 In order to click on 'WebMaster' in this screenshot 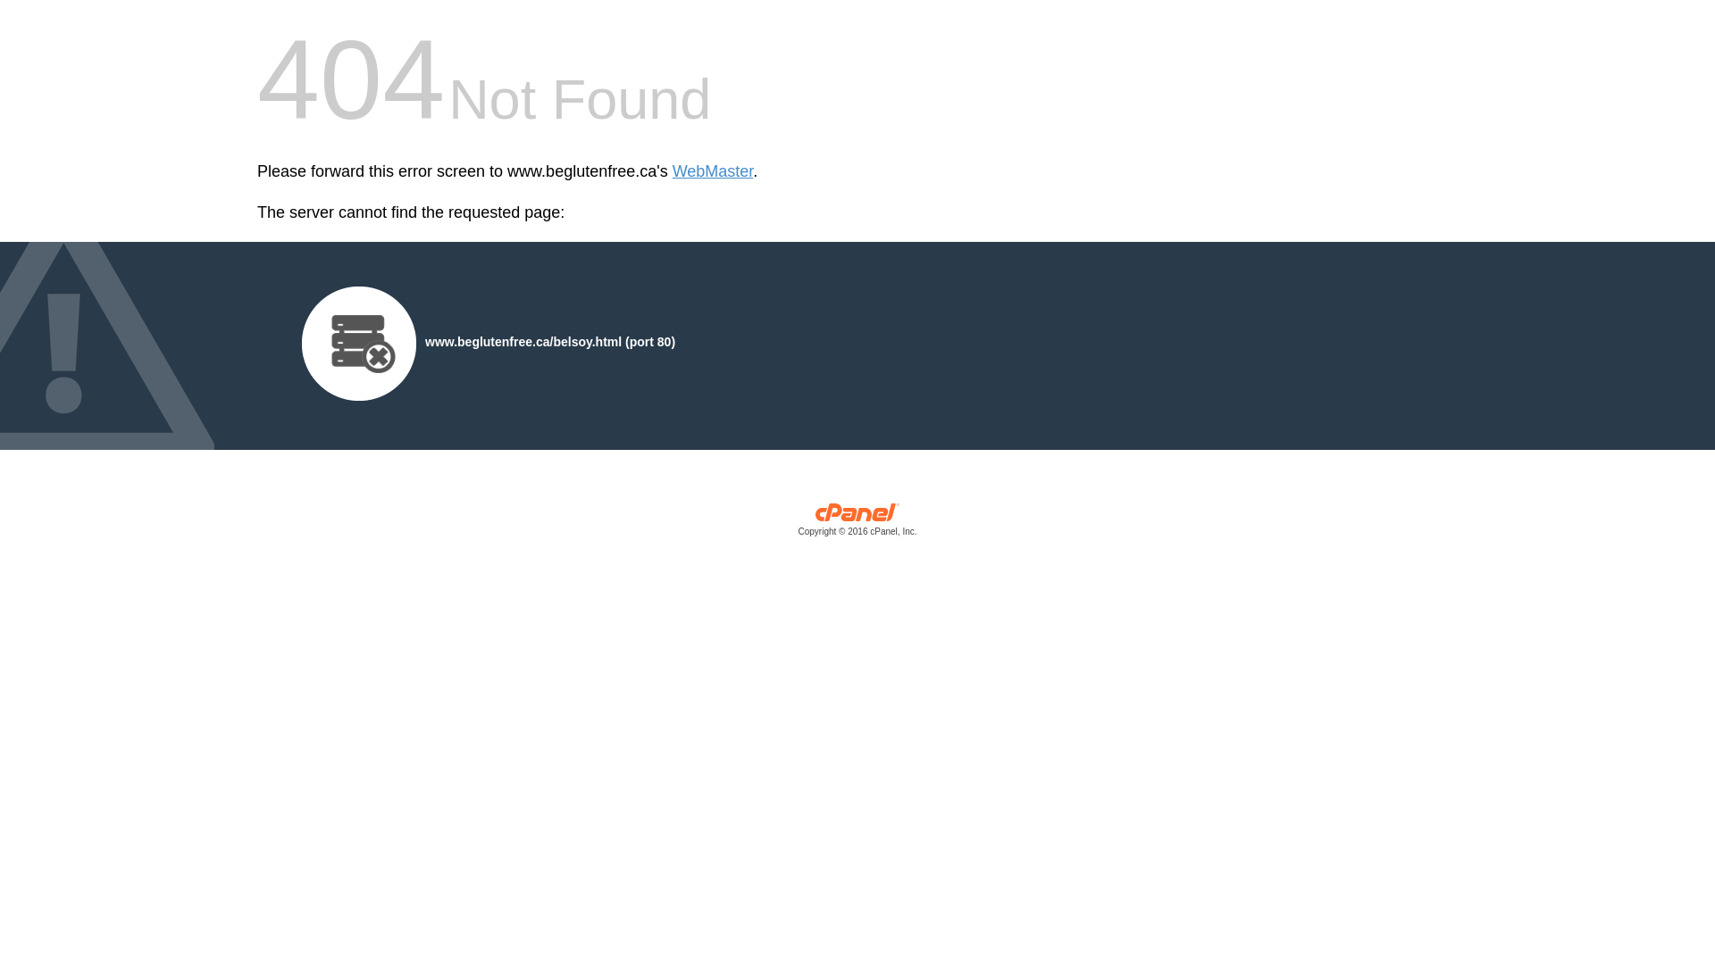, I will do `click(712, 171)`.